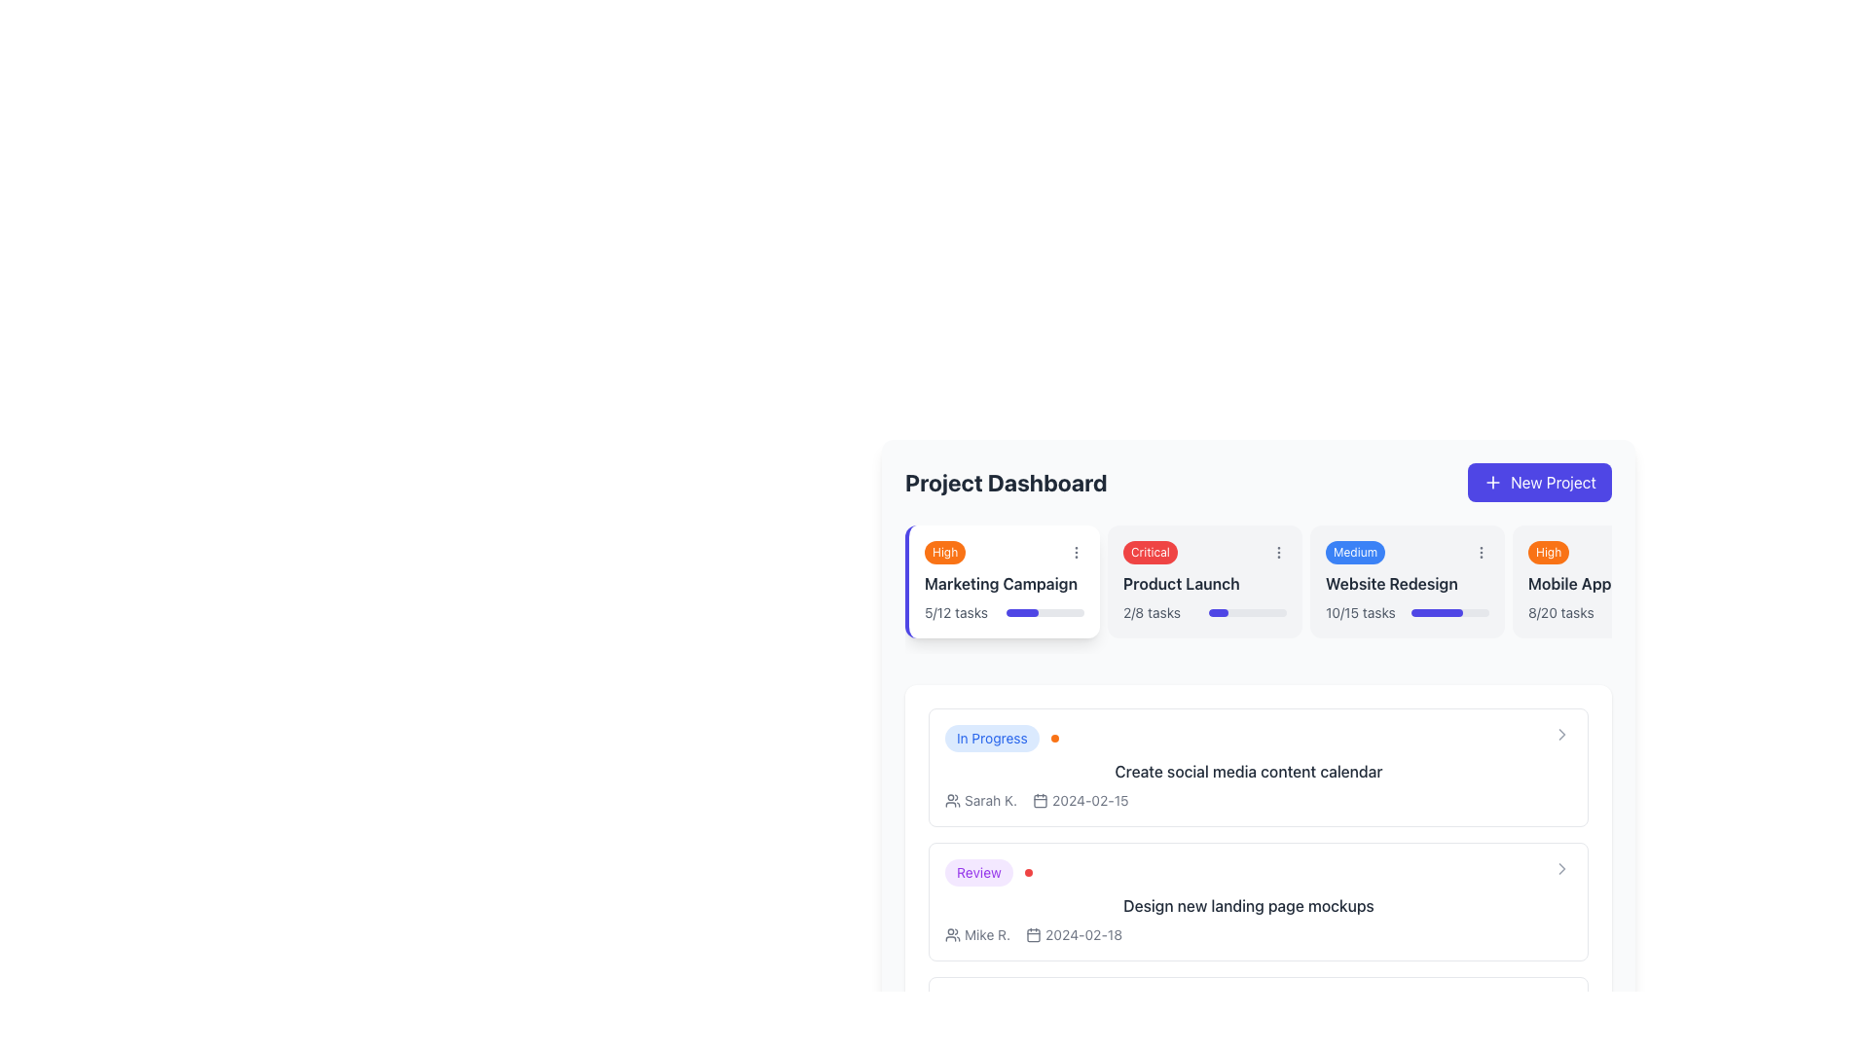 Image resolution: width=1869 pixels, height=1051 pixels. Describe the element at coordinates (1449, 611) in the screenshot. I see `the completion status of the Progress bar located below the '10/15 tasks' text in the 'Website Redesign' card` at that location.